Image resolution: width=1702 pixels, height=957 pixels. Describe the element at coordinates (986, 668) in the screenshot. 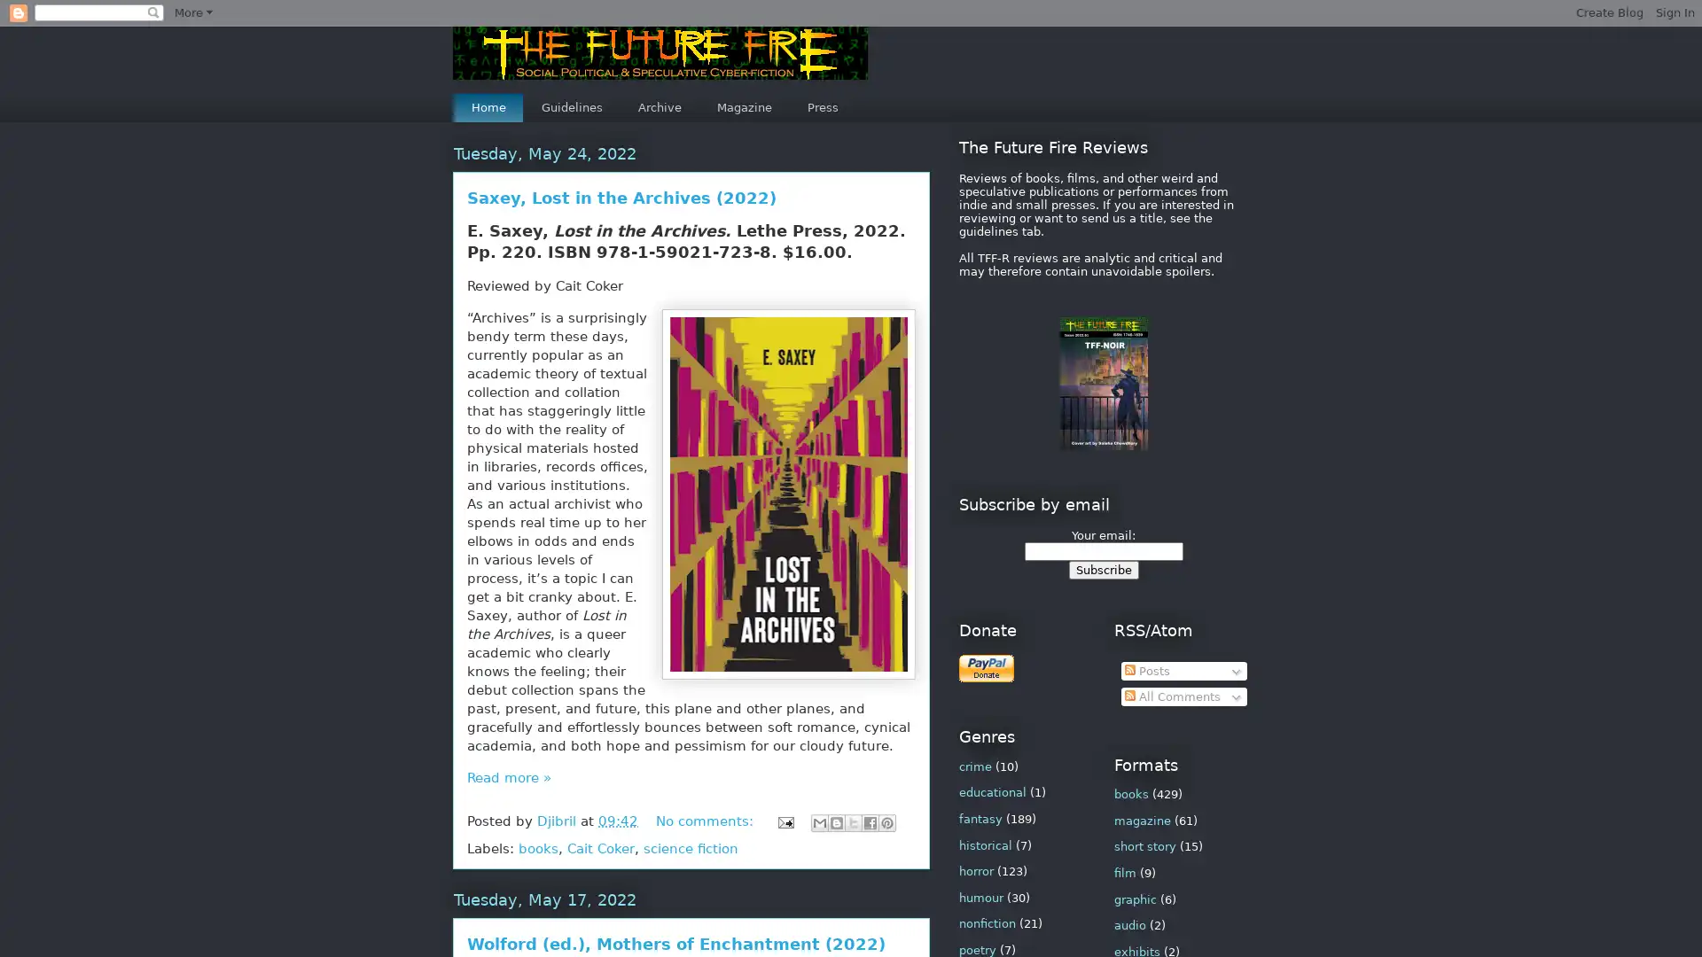

I see `Make payments with PayPal - it's fast, free and secure!` at that location.